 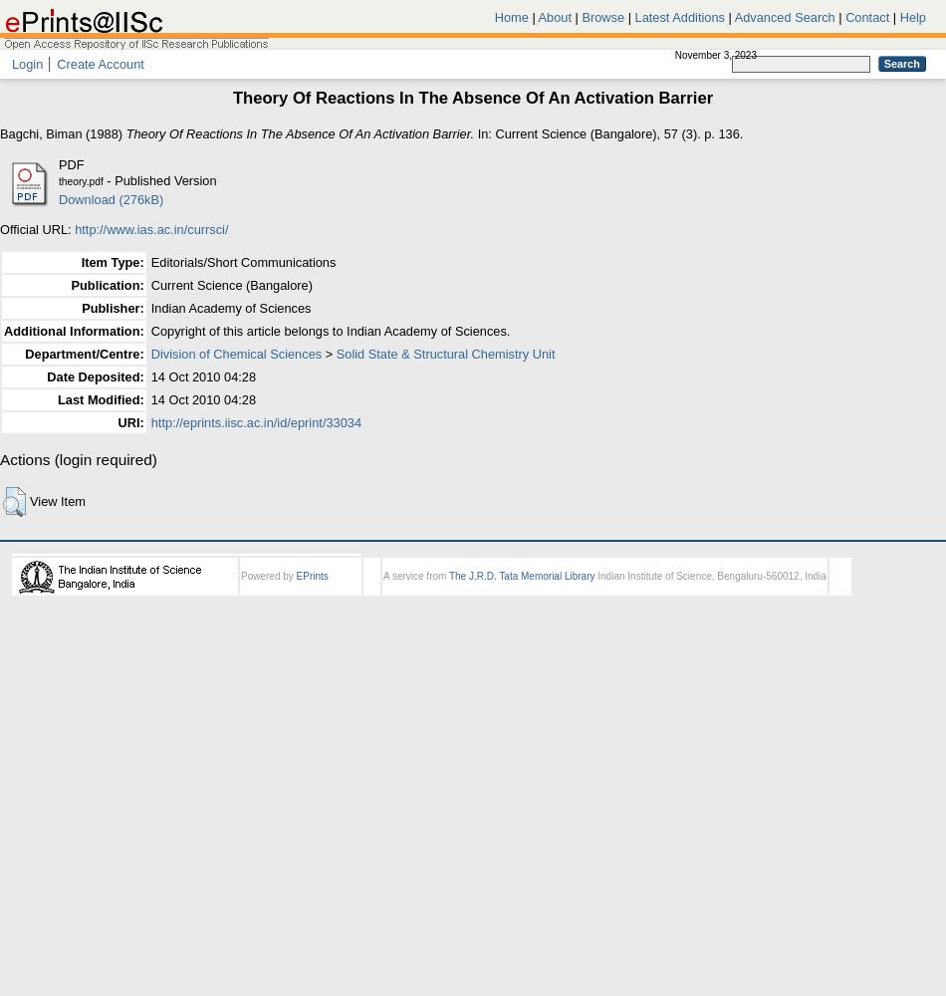 I want to click on 'Theory Of Reactions In The Absence Of An Activation Barrier.', so click(x=298, y=132).